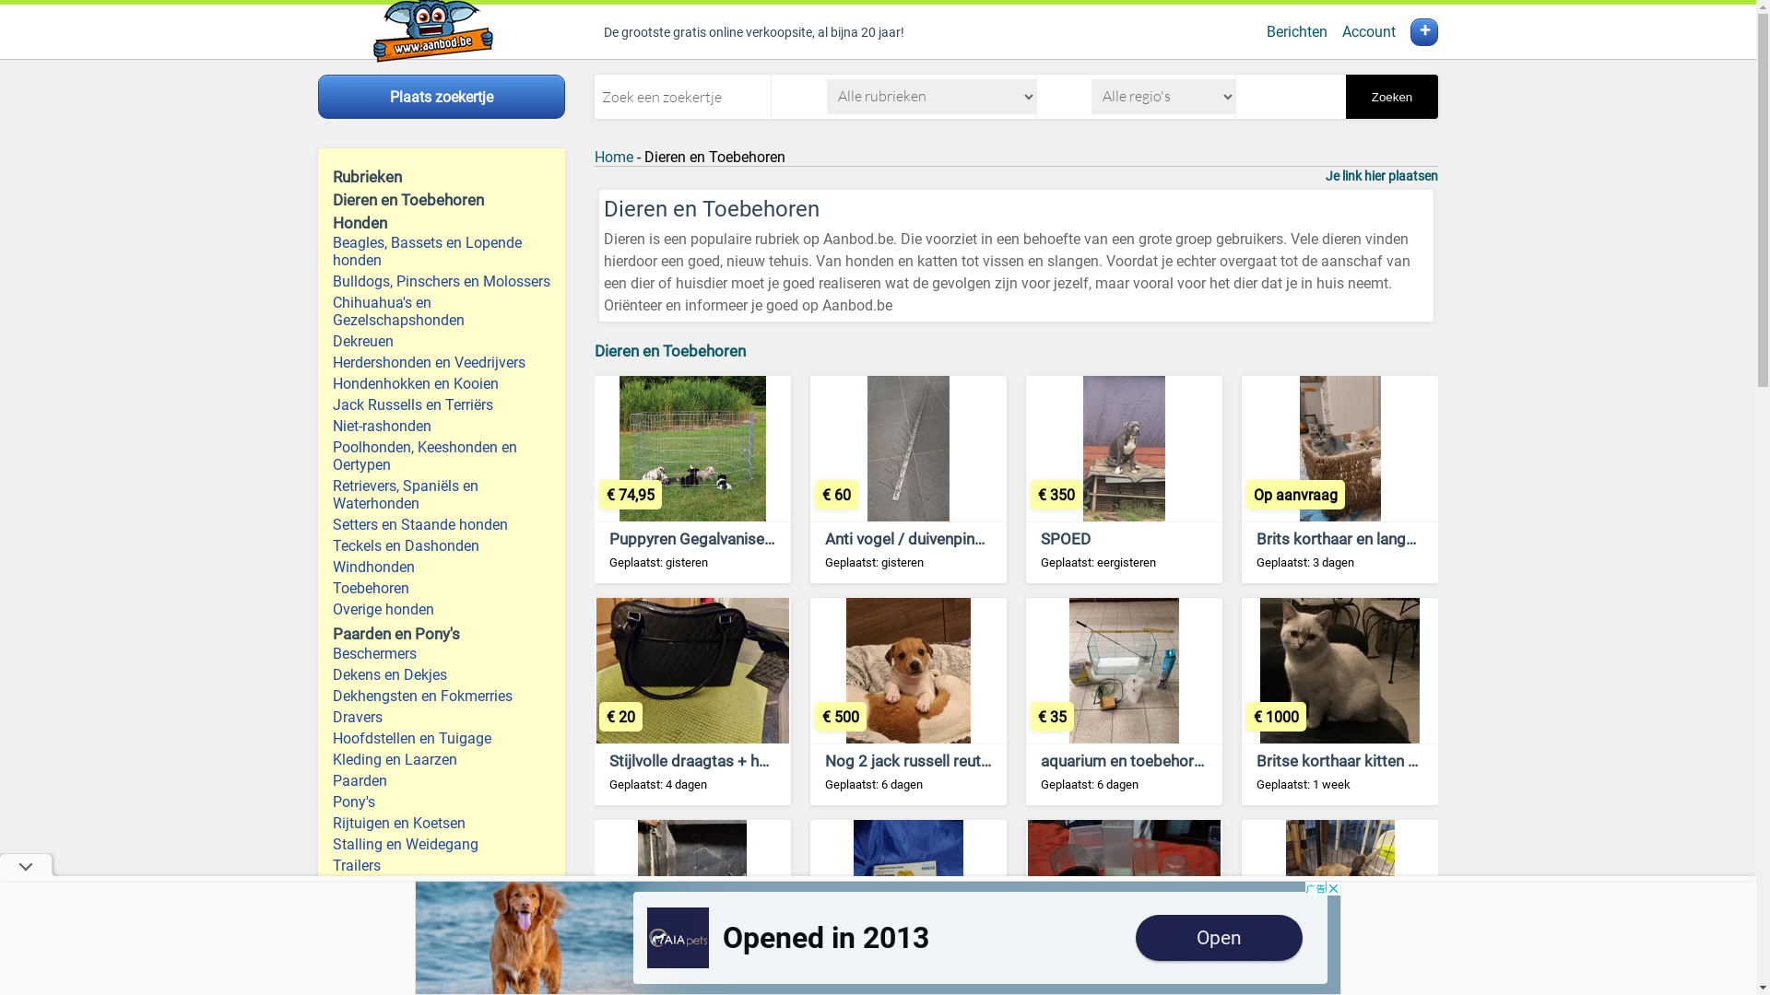 The height and width of the screenshot is (995, 1770). What do you see at coordinates (441, 801) in the screenshot?
I see `'Pony's'` at bounding box center [441, 801].